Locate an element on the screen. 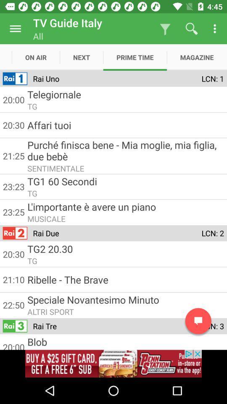 The width and height of the screenshot is (227, 404). menu is located at coordinates (15, 29).